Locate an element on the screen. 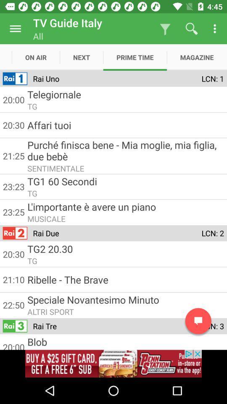 The width and height of the screenshot is (227, 404). menu is located at coordinates (15, 29).